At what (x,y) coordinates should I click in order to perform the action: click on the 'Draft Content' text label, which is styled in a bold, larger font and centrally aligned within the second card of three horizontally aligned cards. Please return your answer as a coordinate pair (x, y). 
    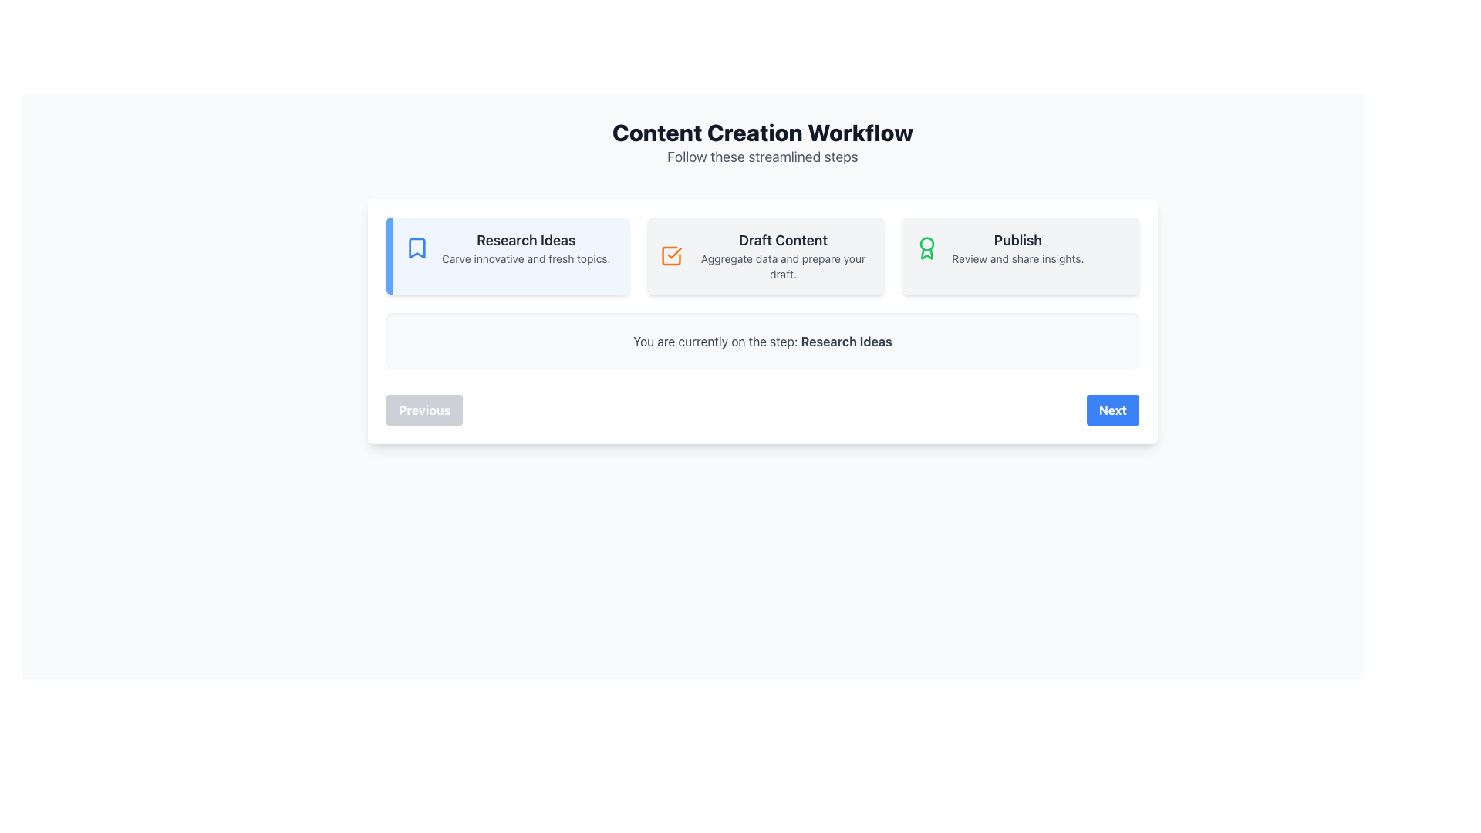
    Looking at the image, I should click on (783, 241).